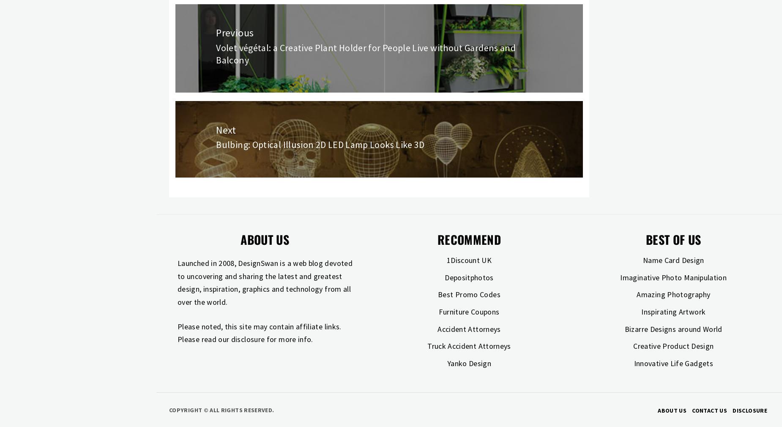 Image resolution: width=782 pixels, height=427 pixels. I want to click on 'Accident Attorneys', so click(468, 328).